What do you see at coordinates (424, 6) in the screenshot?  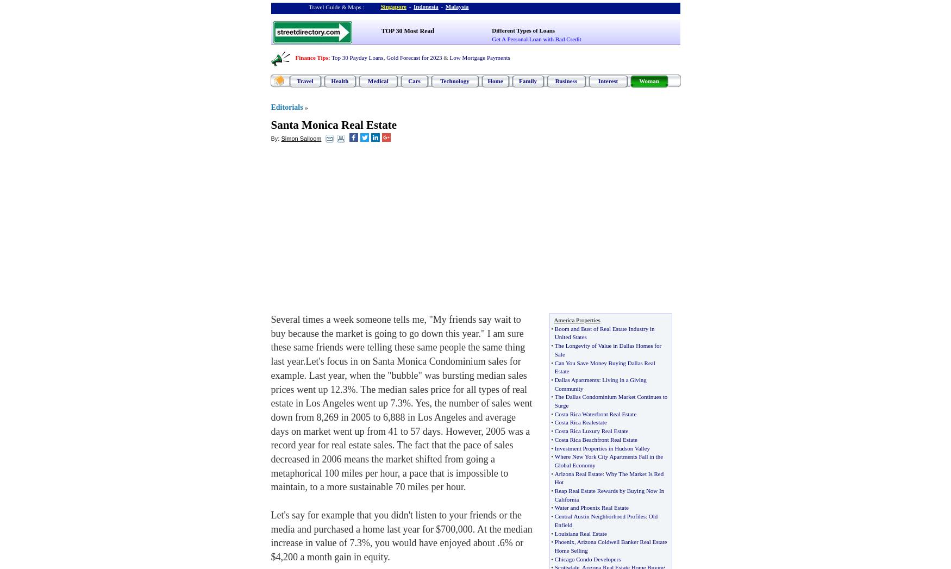 I see `'Indonesia'` at bounding box center [424, 6].